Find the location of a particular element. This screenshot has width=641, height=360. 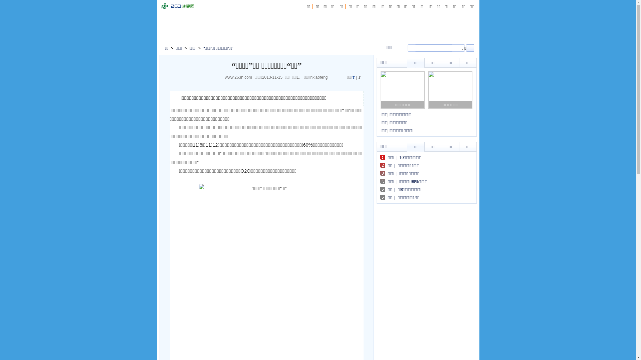

'T' is located at coordinates (359, 77).